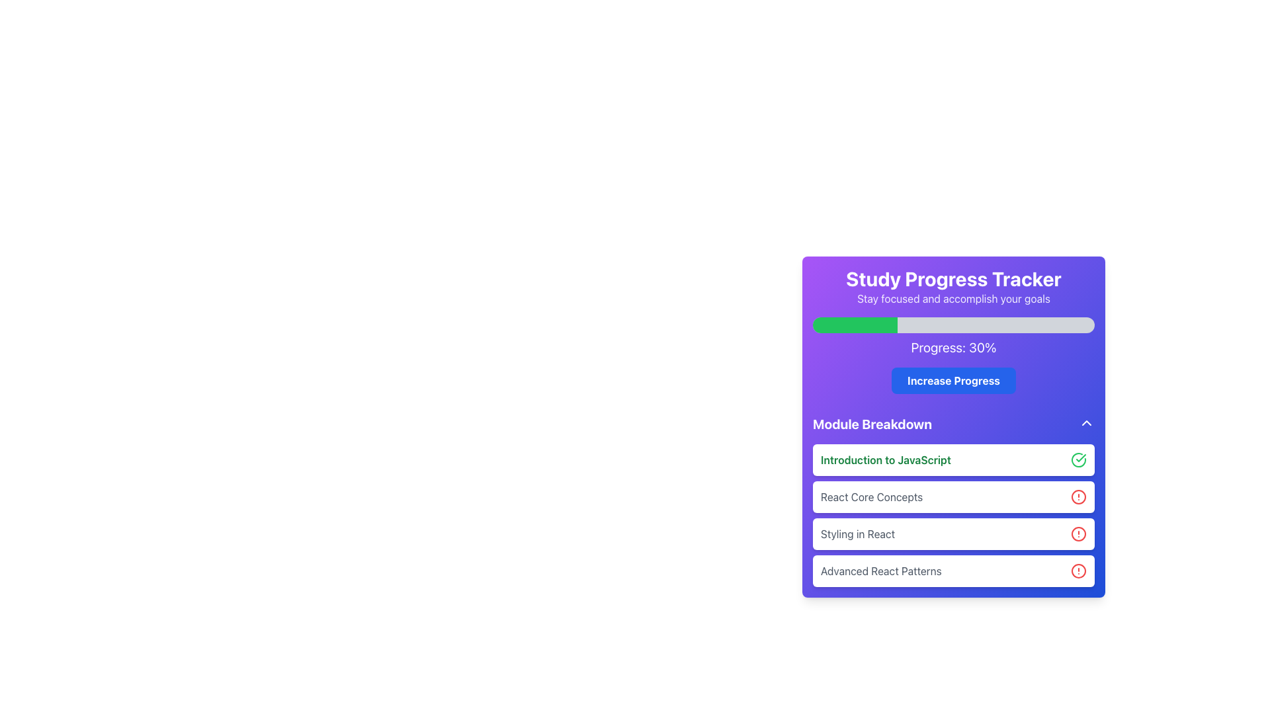 The height and width of the screenshot is (714, 1270). What do you see at coordinates (953, 501) in the screenshot?
I see `the second list item element titled 'React Core Concepts' in the 'Module Breakdown' section` at bounding box center [953, 501].